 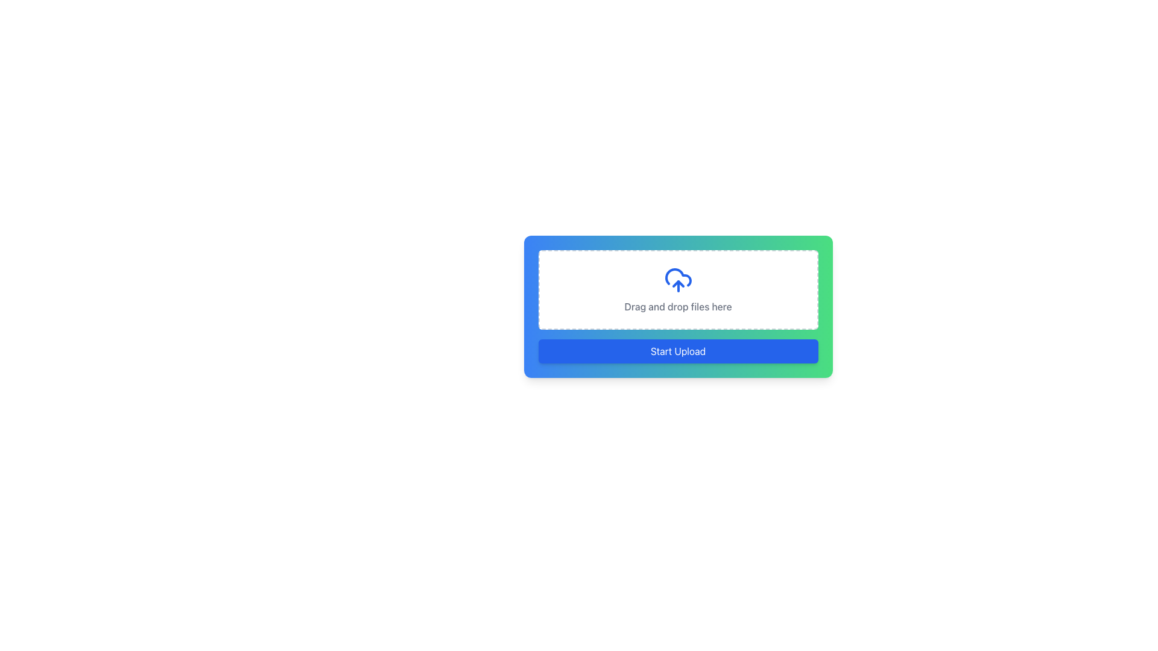 What do you see at coordinates (678, 280) in the screenshot?
I see `the vibrant blue cloud icon with an upward-pointing arrow` at bounding box center [678, 280].